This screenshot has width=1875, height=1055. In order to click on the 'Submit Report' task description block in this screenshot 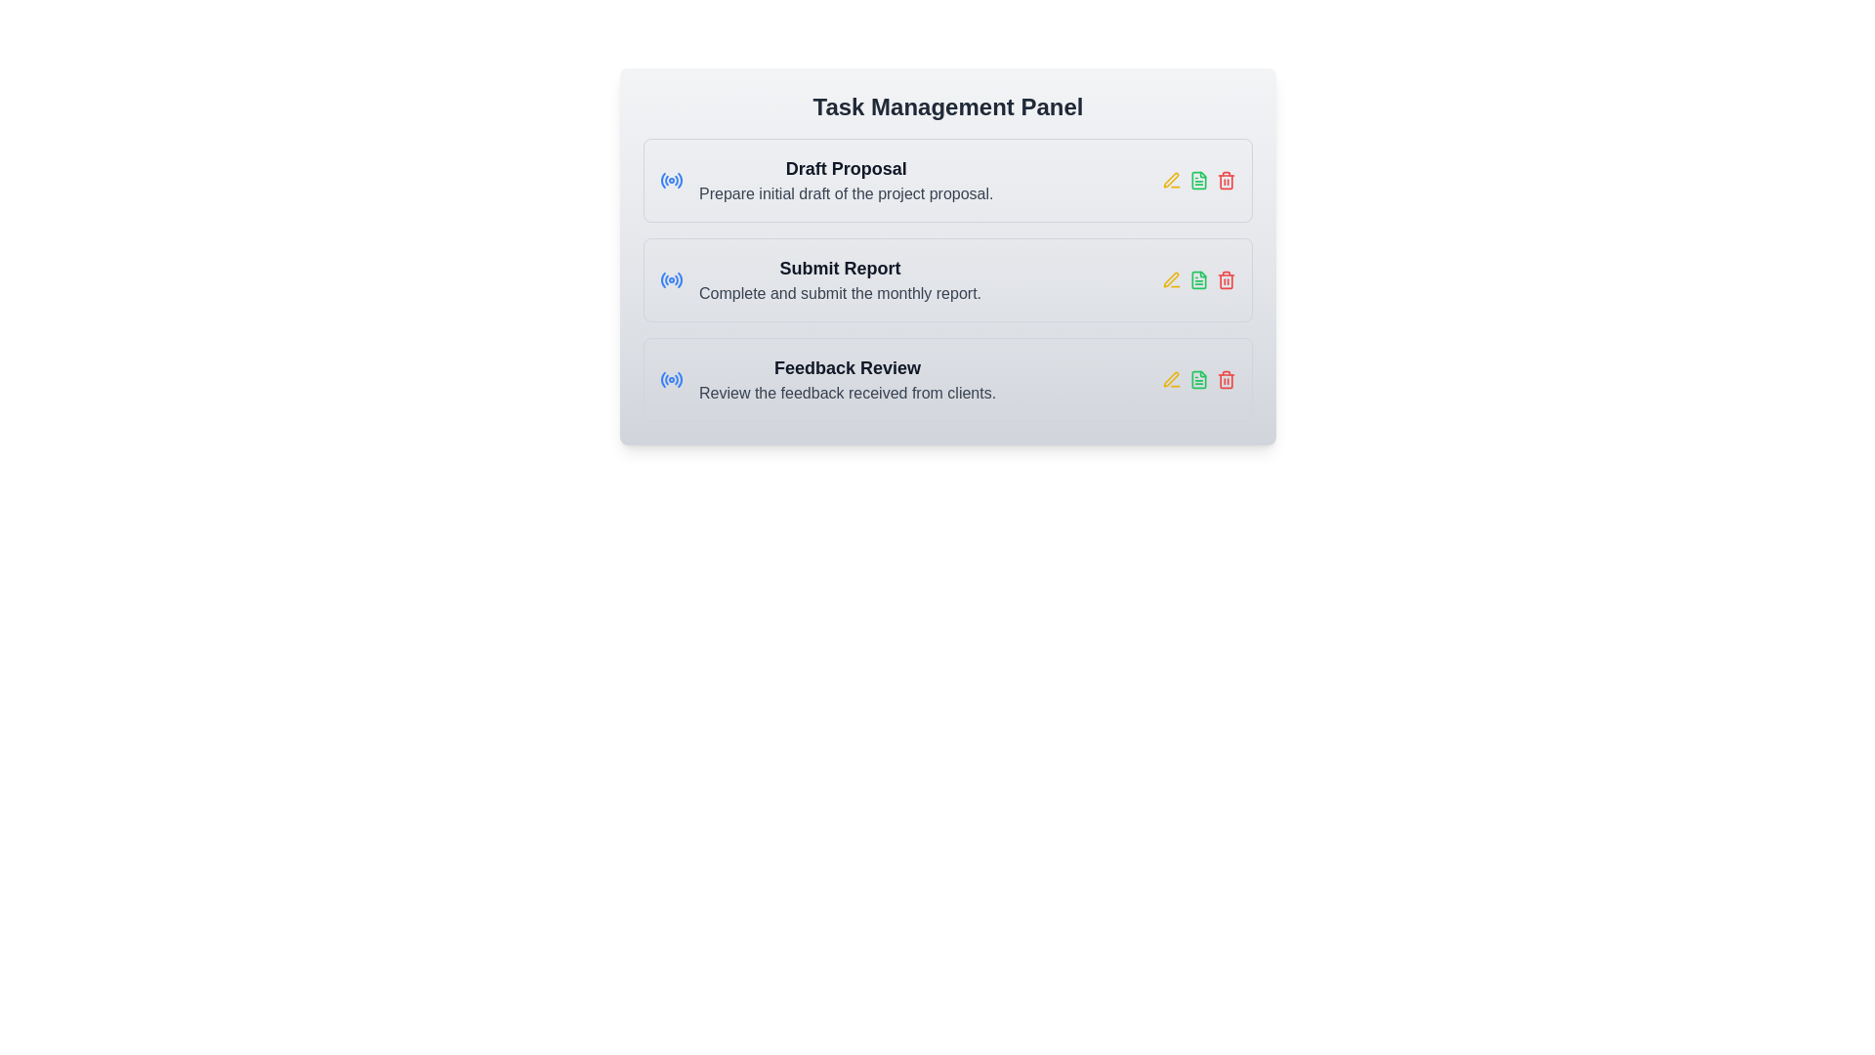, I will do `click(840, 279)`.